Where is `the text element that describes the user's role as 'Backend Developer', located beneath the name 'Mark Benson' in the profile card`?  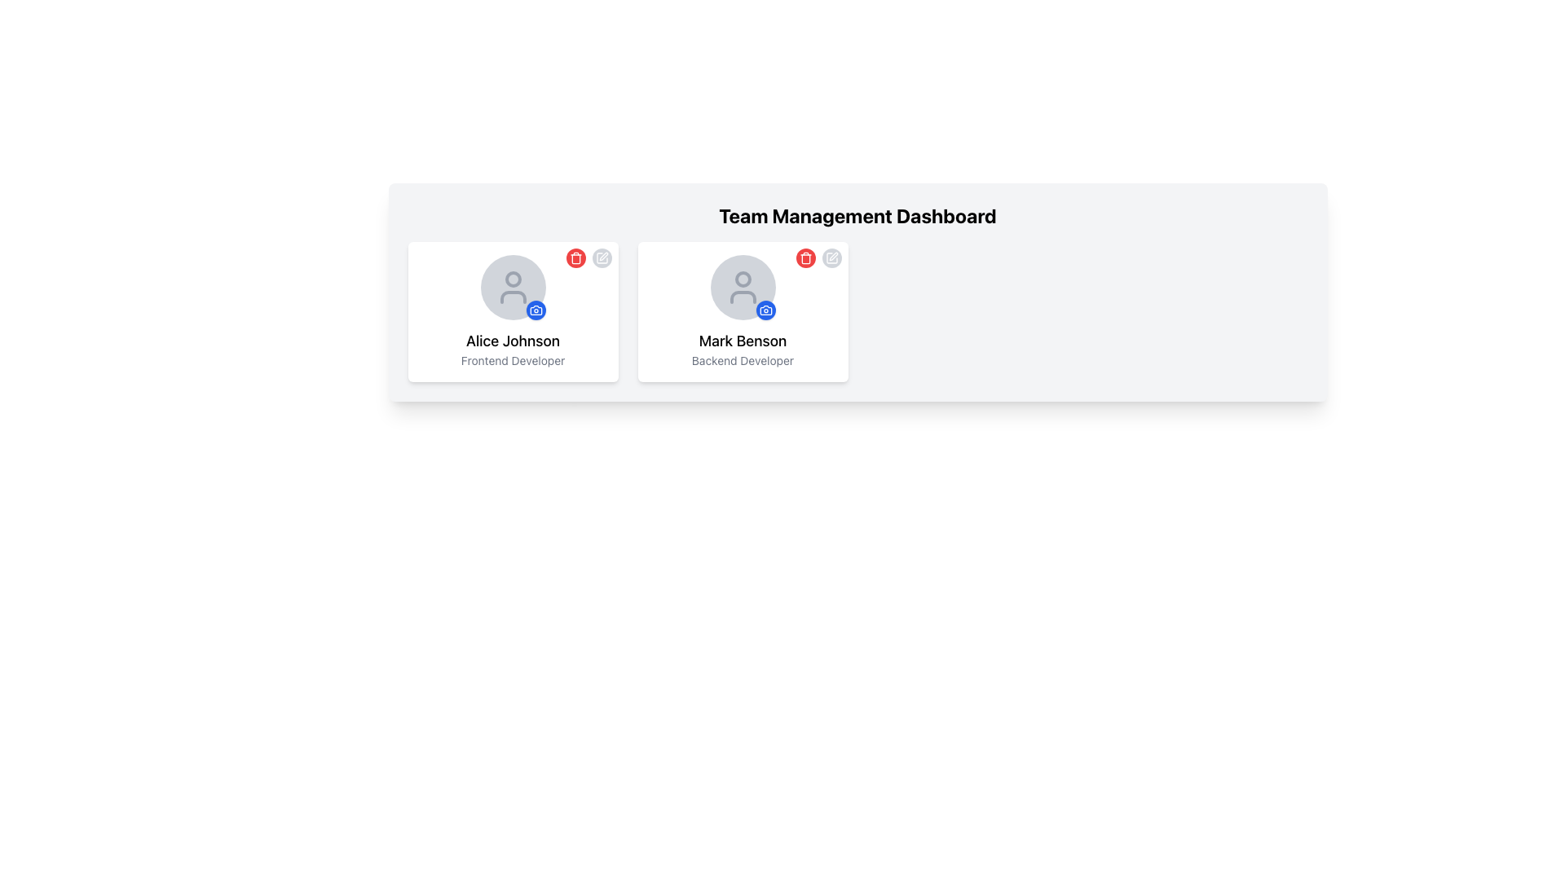
the text element that describes the user's role as 'Backend Developer', located beneath the name 'Mark Benson' in the profile card is located at coordinates (742, 360).